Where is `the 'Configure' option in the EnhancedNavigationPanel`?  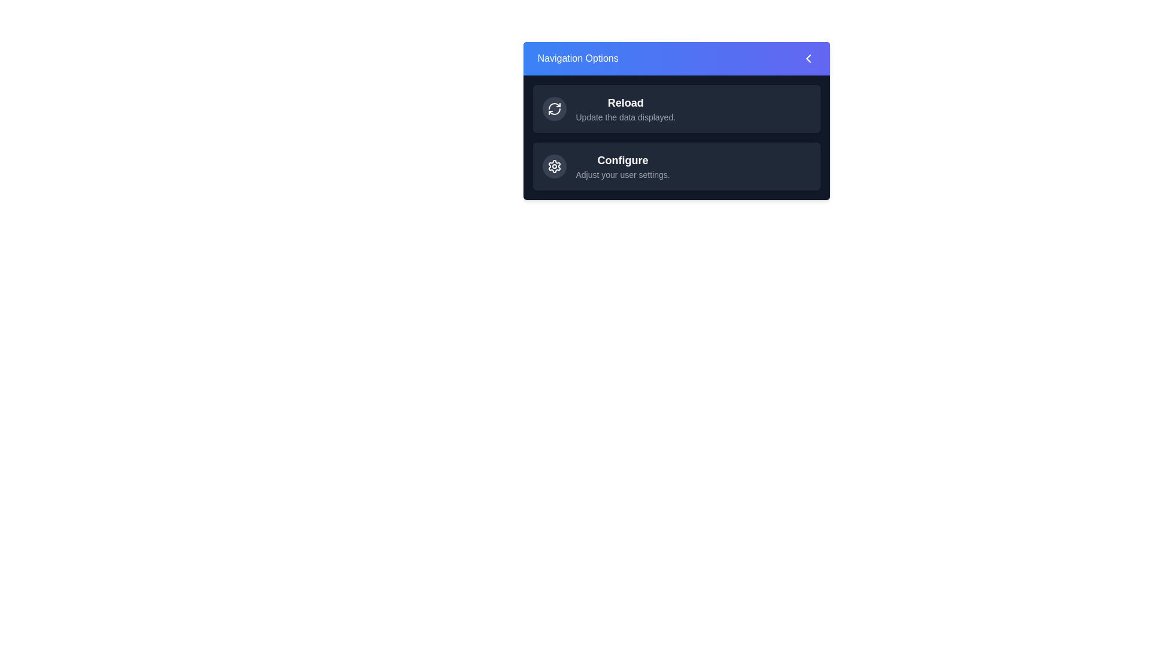
the 'Configure' option in the EnhancedNavigationPanel is located at coordinates (623, 166).